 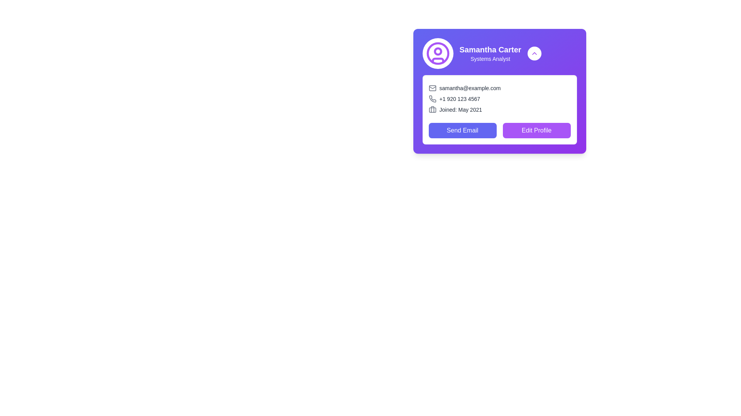 What do you see at coordinates (462, 130) in the screenshot?
I see `the 'Send Email' button with a purple background and white text to trigger hover-specific effects` at bounding box center [462, 130].